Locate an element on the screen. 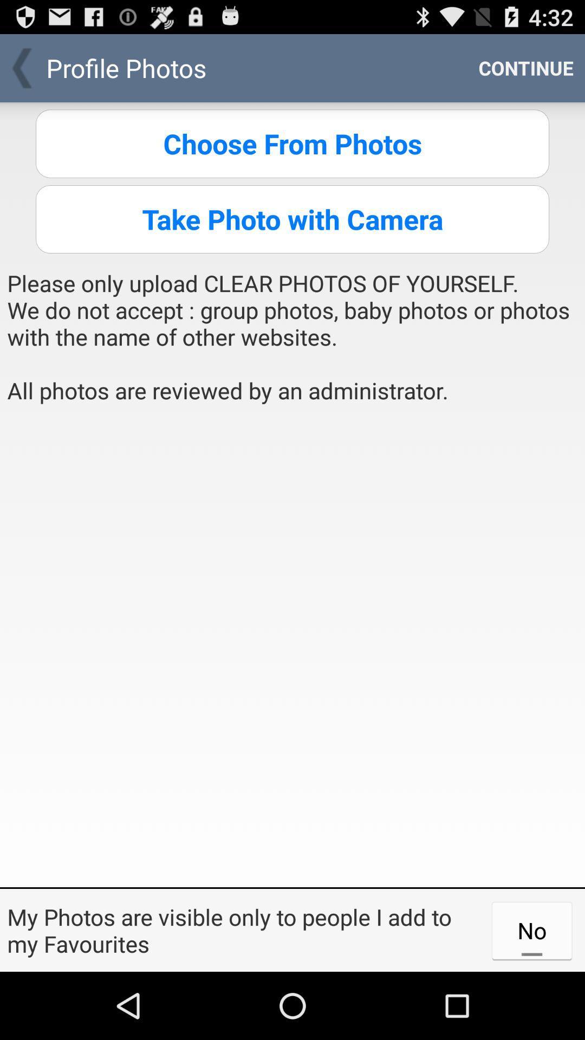 The width and height of the screenshot is (585, 1040). button below choose from photos button is located at coordinates (292, 218).